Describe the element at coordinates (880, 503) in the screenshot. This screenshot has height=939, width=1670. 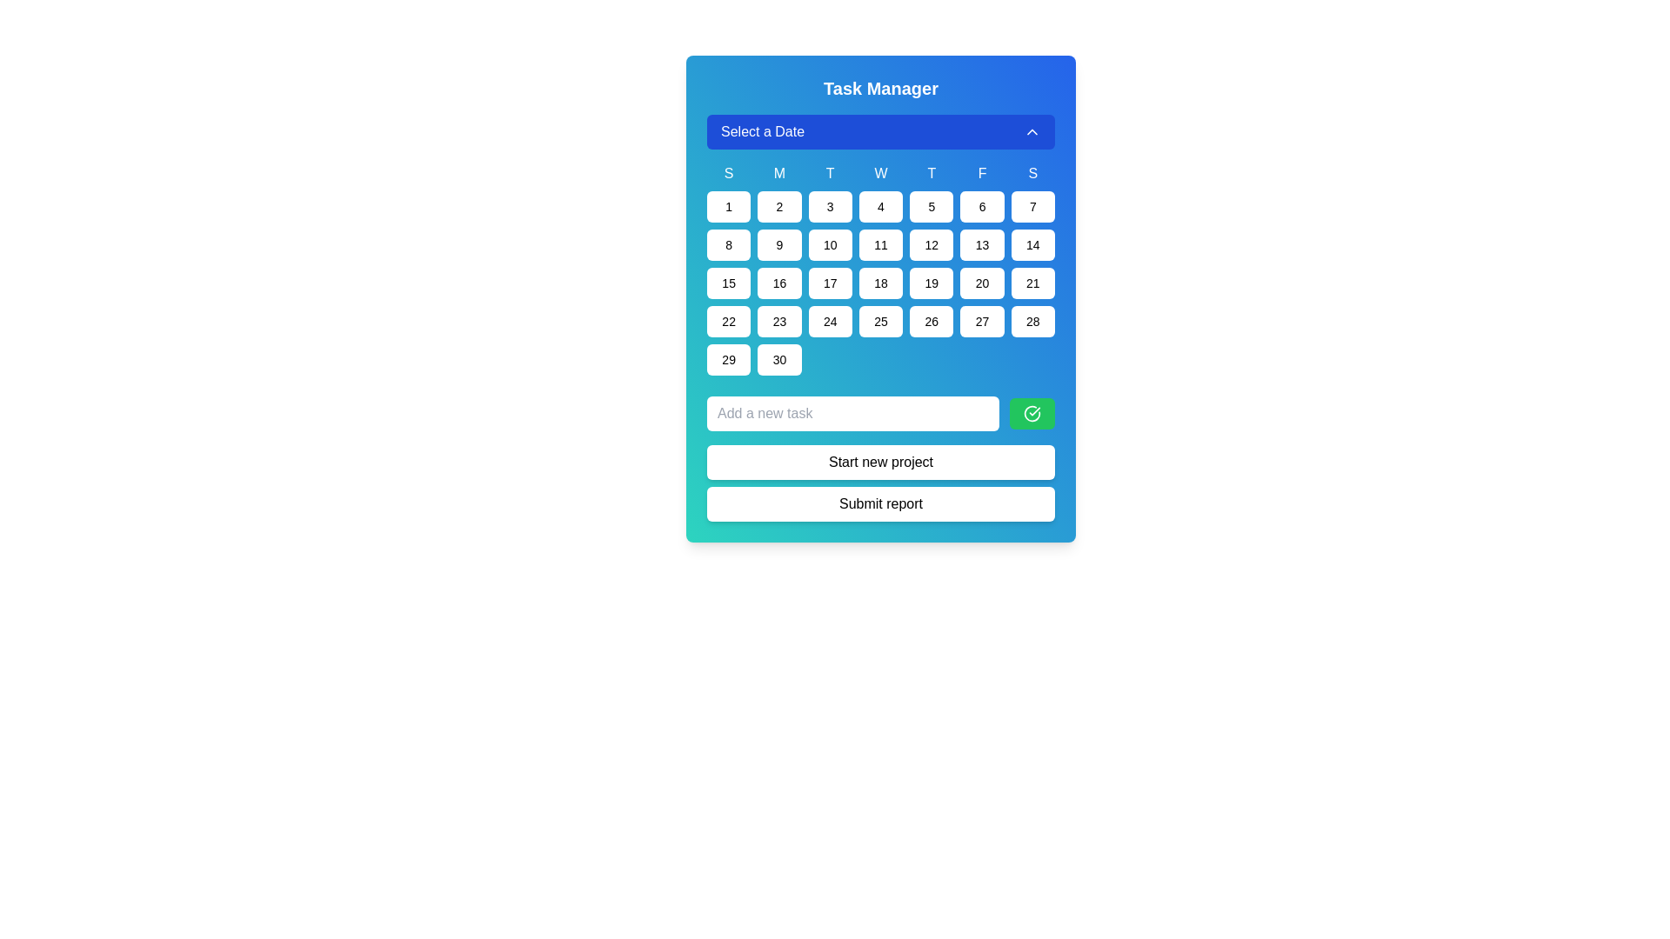
I see `the 'Submit report' button, which is a rectangular button with rounded corners and black text on a white background, located below the 'Start new project' button` at that location.